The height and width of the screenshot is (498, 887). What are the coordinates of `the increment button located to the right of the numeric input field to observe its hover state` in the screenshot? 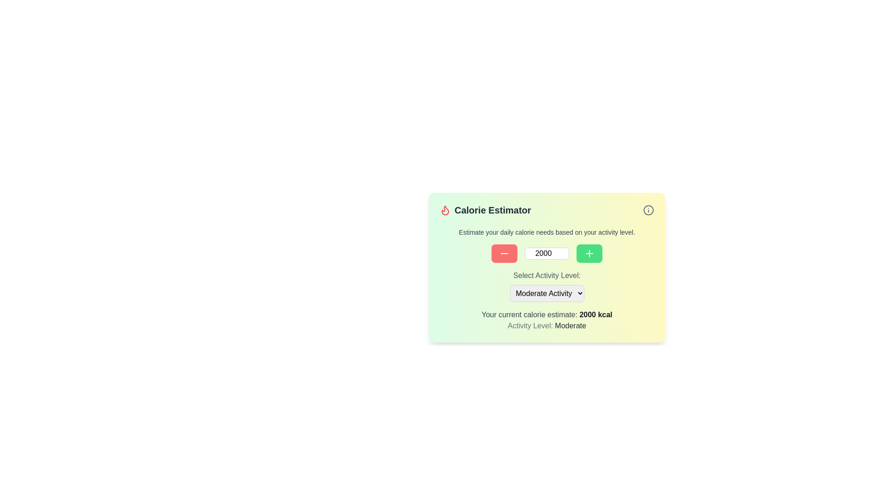 It's located at (589, 254).